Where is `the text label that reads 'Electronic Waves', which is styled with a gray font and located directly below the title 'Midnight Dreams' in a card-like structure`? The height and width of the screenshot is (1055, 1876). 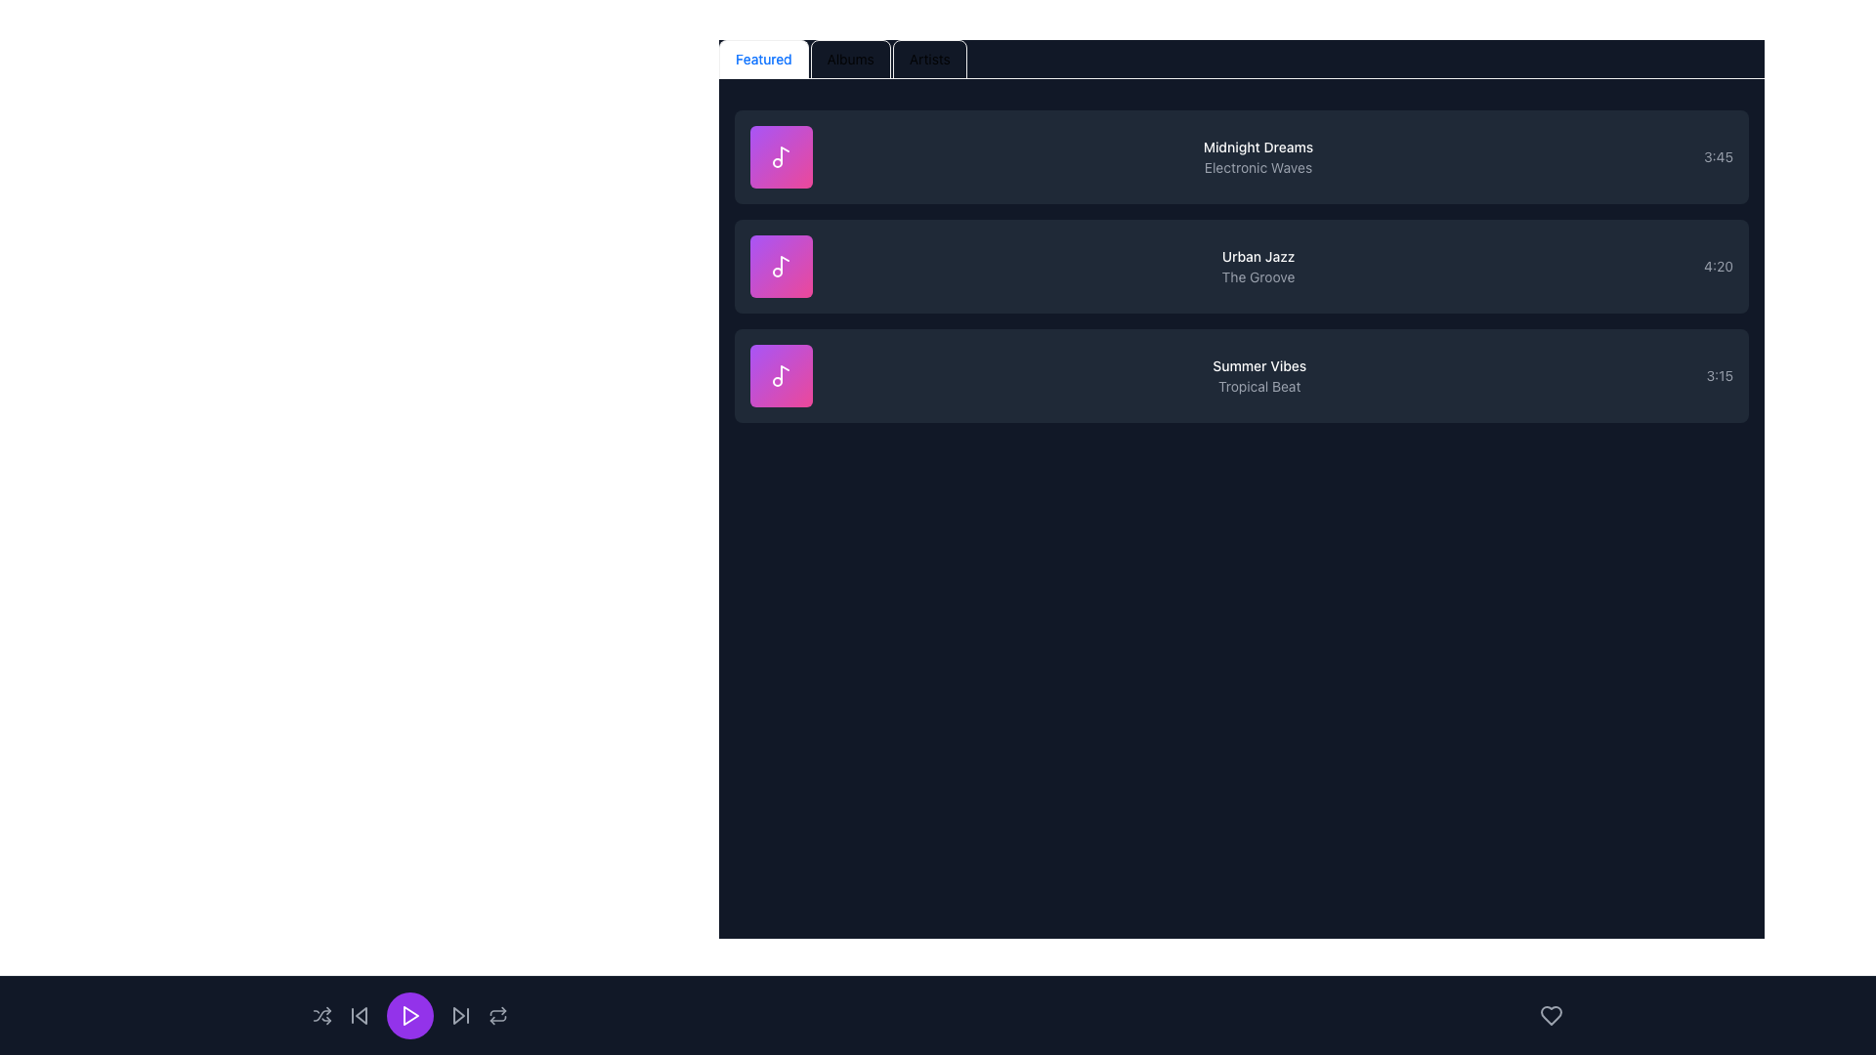 the text label that reads 'Electronic Waves', which is styled with a gray font and located directly below the title 'Midnight Dreams' in a card-like structure is located at coordinates (1258, 167).